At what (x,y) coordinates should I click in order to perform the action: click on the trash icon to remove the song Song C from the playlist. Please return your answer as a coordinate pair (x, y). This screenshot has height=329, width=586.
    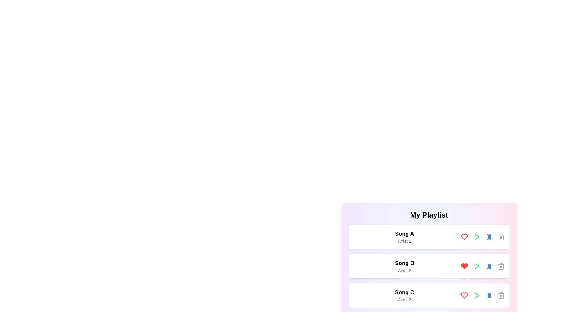
    Looking at the image, I should click on (501, 295).